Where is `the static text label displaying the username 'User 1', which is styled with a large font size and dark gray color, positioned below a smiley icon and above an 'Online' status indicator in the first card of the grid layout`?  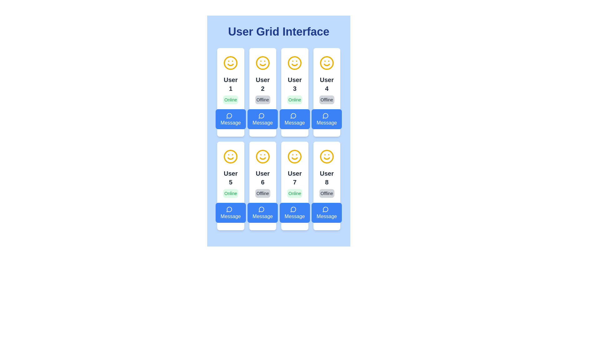 the static text label displaying the username 'User 1', which is styled with a large font size and dark gray color, positioned below a smiley icon and above an 'Online' status indicator in the first card of the grid layout is located at coordinates (230, 84).